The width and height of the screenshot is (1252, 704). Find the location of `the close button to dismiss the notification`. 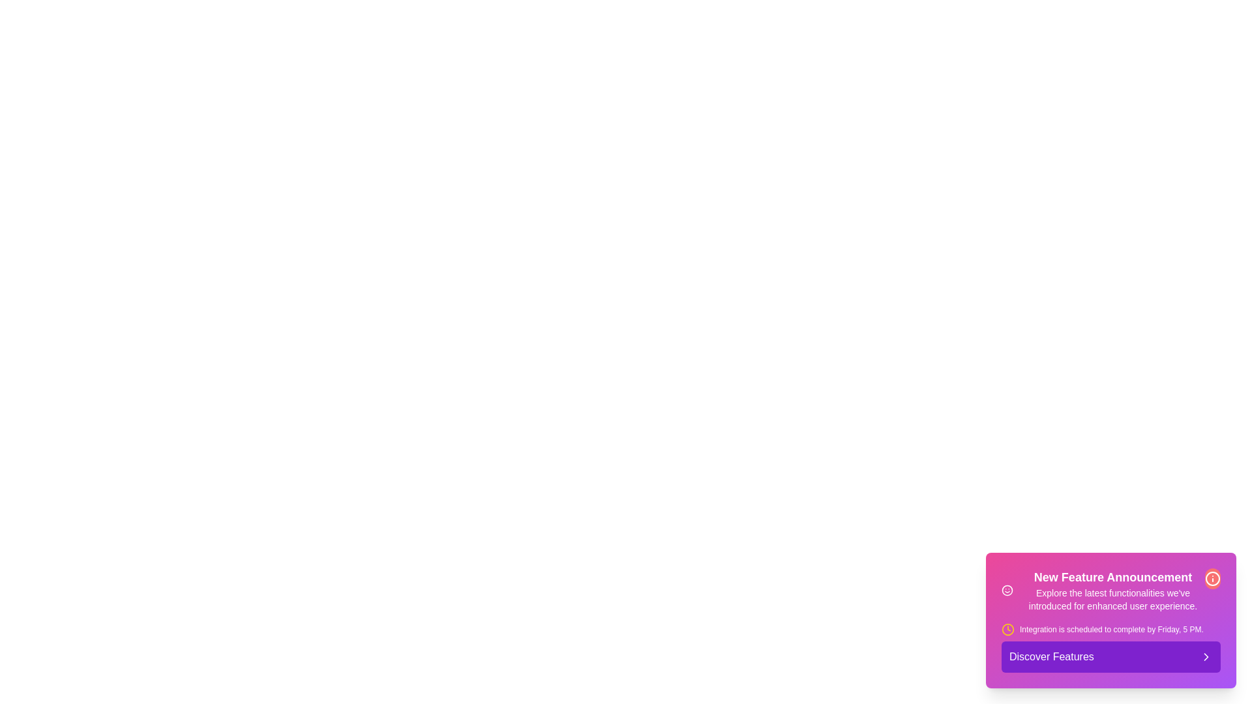

the close button to dismiss the notification is located at coordinates (1212, 578).